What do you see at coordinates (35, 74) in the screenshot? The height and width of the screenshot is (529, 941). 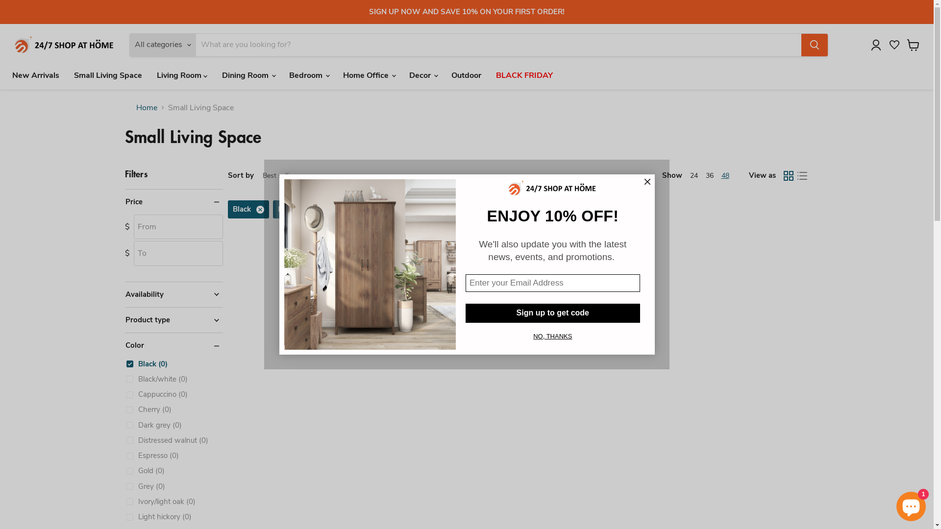 I see `'New Arrivals'` at bounding box center [35, 74].